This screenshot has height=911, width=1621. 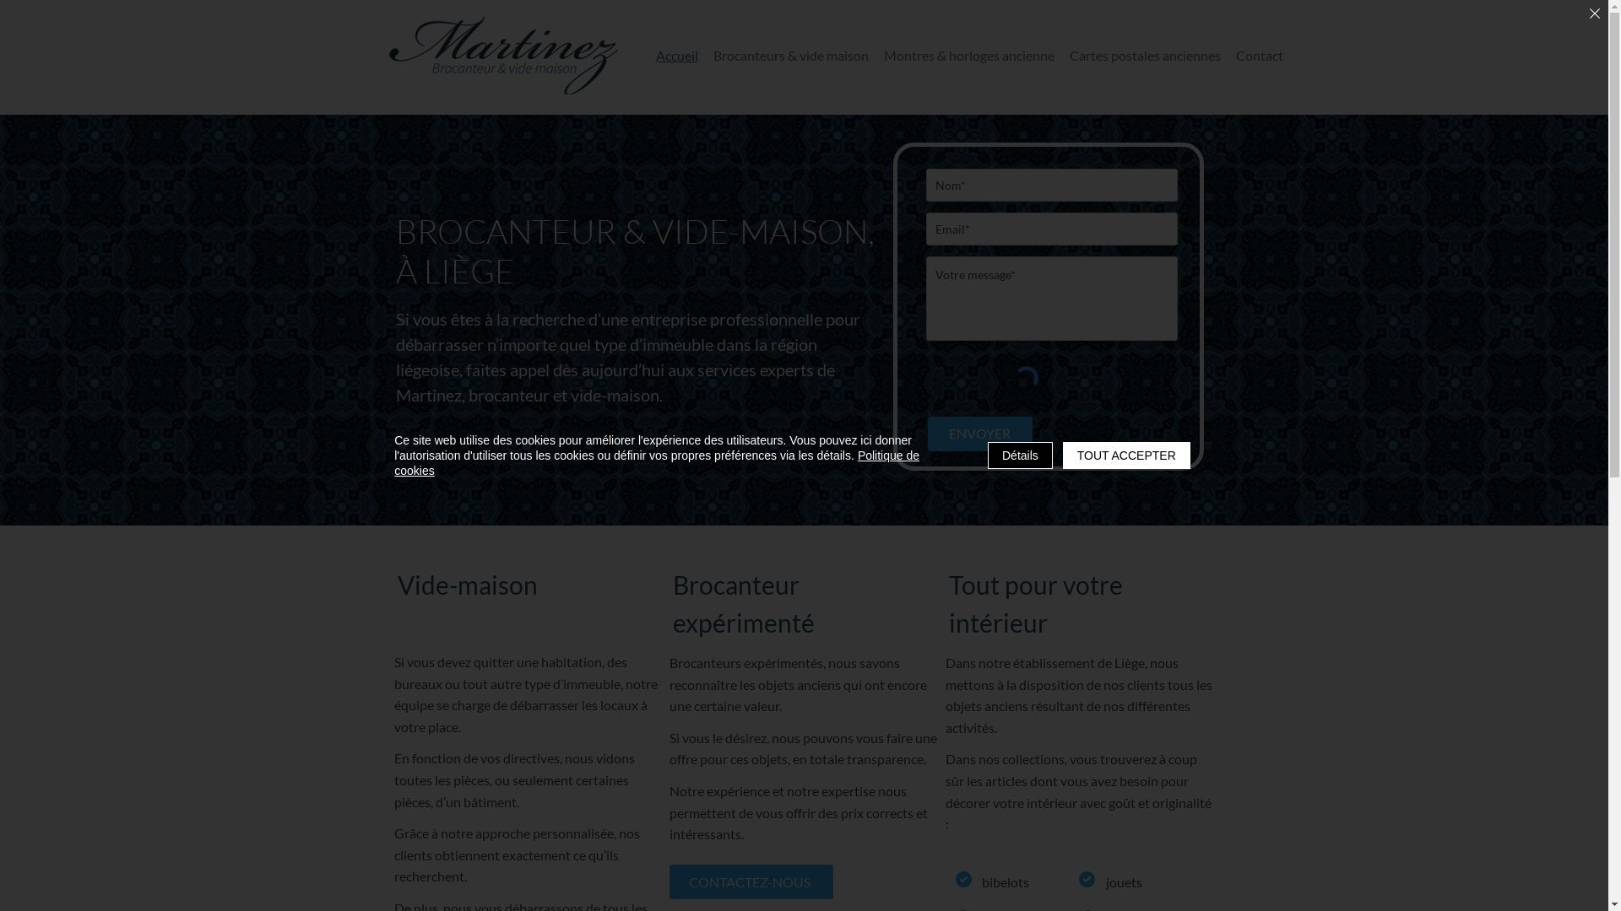 I want to click on 'CONTACTEZ-NOUS', so click(x=749, y=881).